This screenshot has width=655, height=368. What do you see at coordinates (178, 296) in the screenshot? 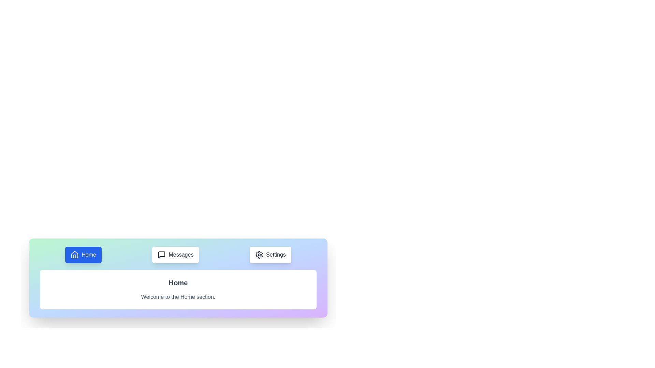
I see `the text 'Welcome to the Home section.' to select it` at bounding box center [178, 296].